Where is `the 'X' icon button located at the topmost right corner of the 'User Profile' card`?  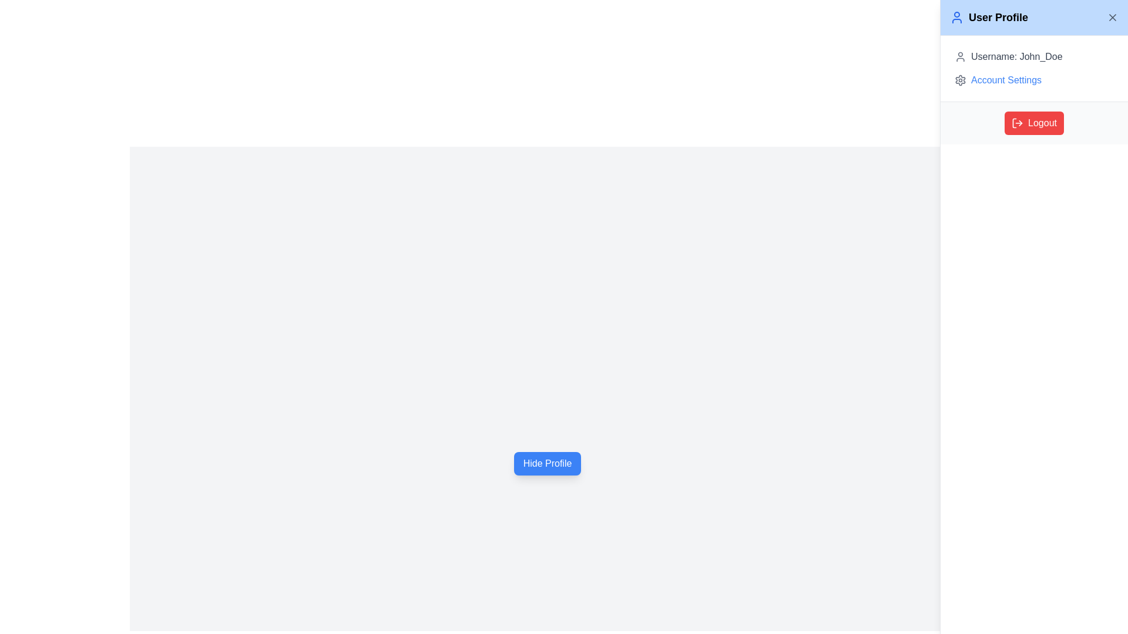 the 'X' icon button located at the topmost right corner of the 'User Profile' card is located at coordinates (1112, 18).